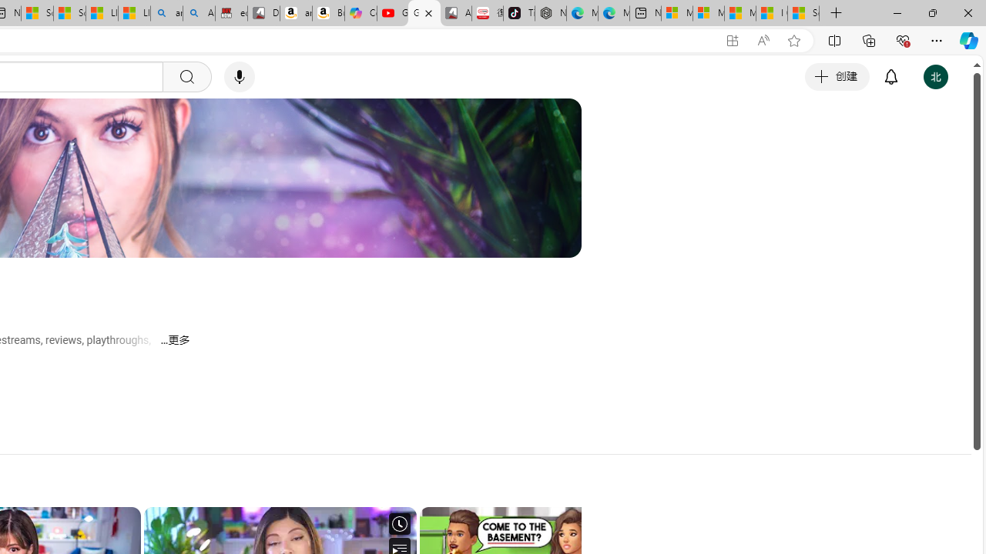 The height and width of the screenshot is (554, 986). Describe the element at coordinates (360, 13) in the screenshot. I see `'Copilot'` at that location.